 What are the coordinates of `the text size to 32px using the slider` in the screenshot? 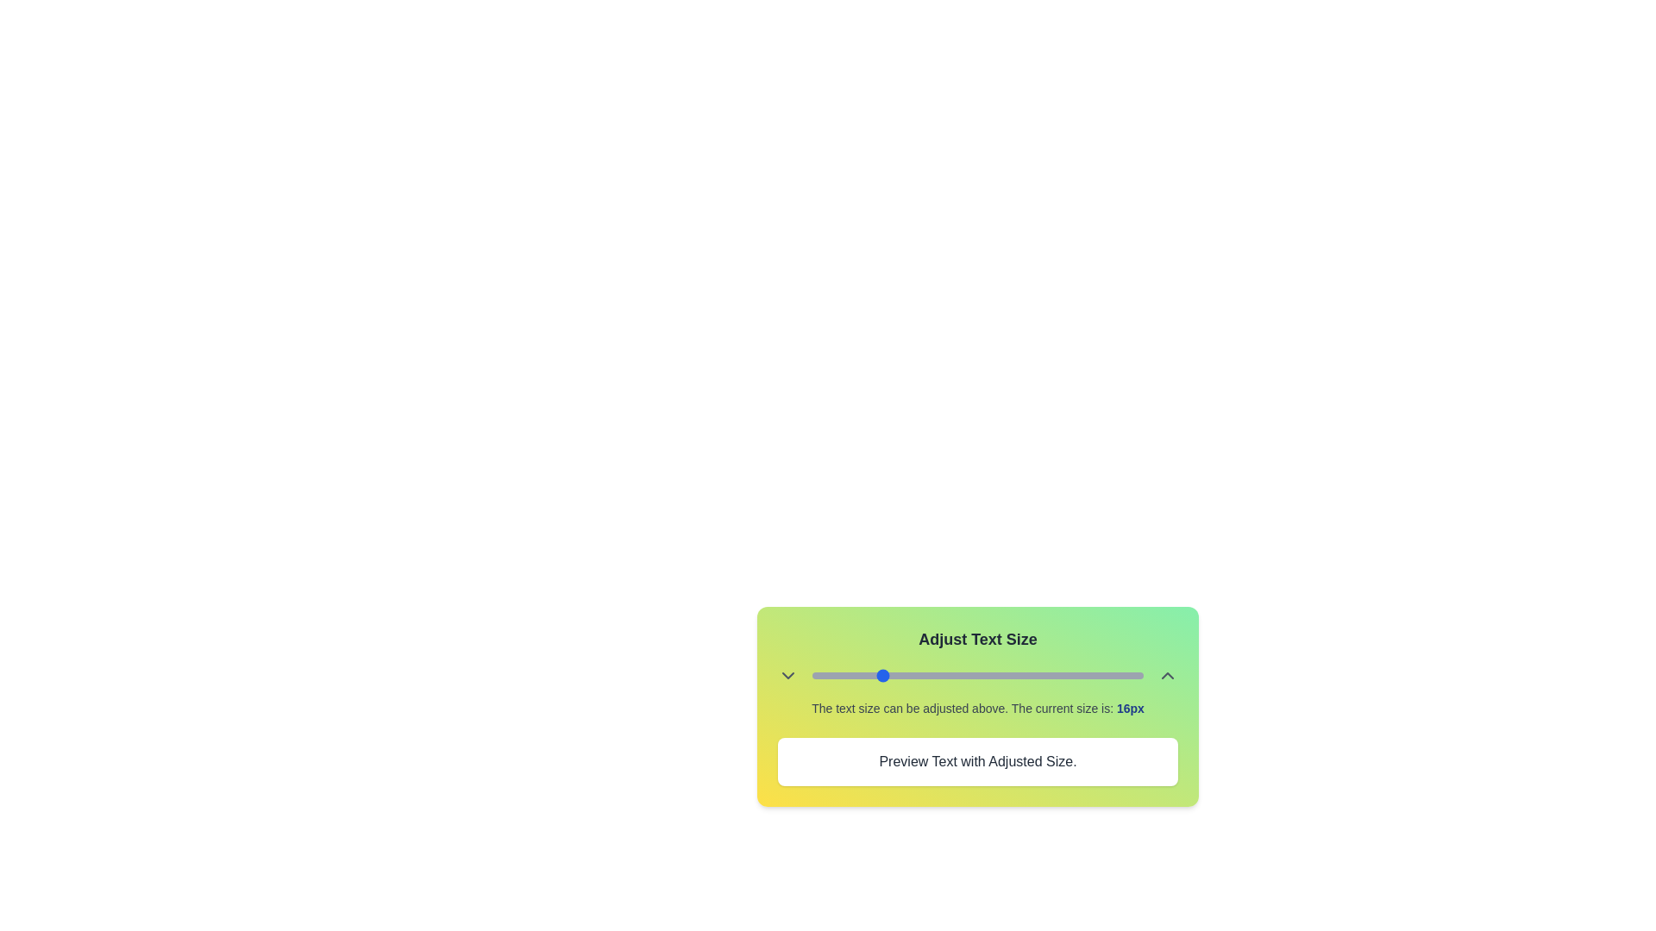 It's located at (1011, 674).